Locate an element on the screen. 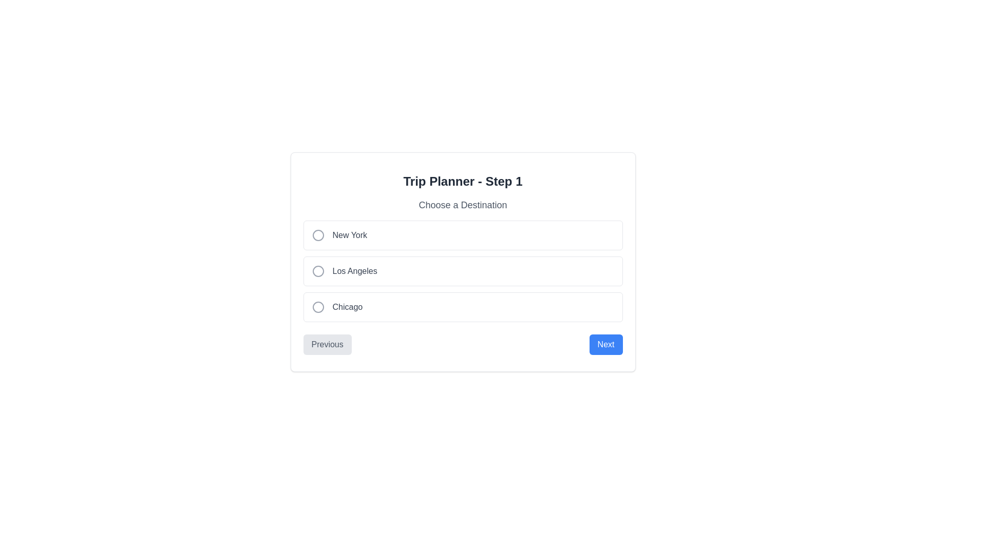 The height and width of the screenshot is (554, 986). the 'Next' button located at the bottom right corner of the layout is located at coordinates (606, 344).